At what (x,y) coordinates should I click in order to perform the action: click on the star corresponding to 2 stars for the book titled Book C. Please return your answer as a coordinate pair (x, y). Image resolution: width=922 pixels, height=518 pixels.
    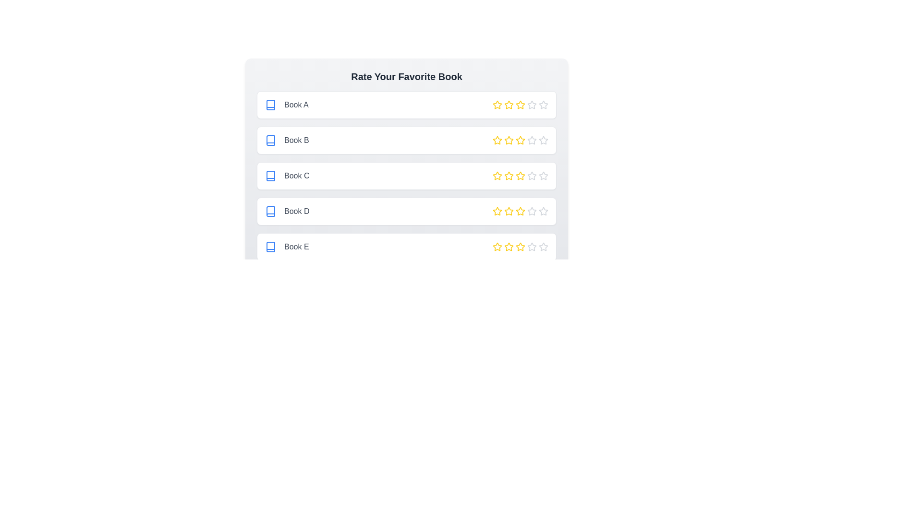
    Looking at the image, I should click on (509, 176).